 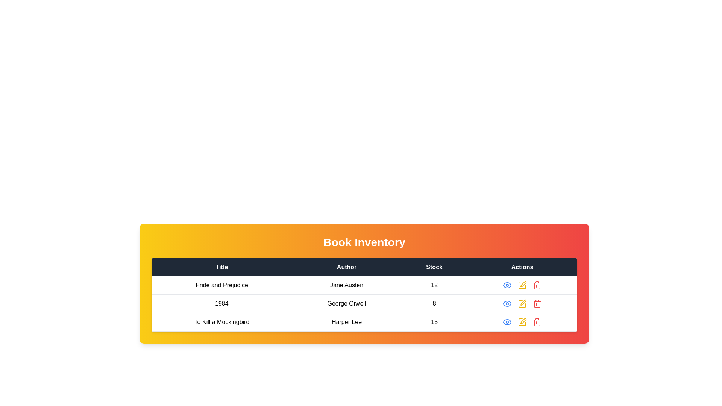 I want to click on the second icon in the 'Actions' column of the first row of the book inventory table, which functions as an edit button, so click(x=522, y=285).